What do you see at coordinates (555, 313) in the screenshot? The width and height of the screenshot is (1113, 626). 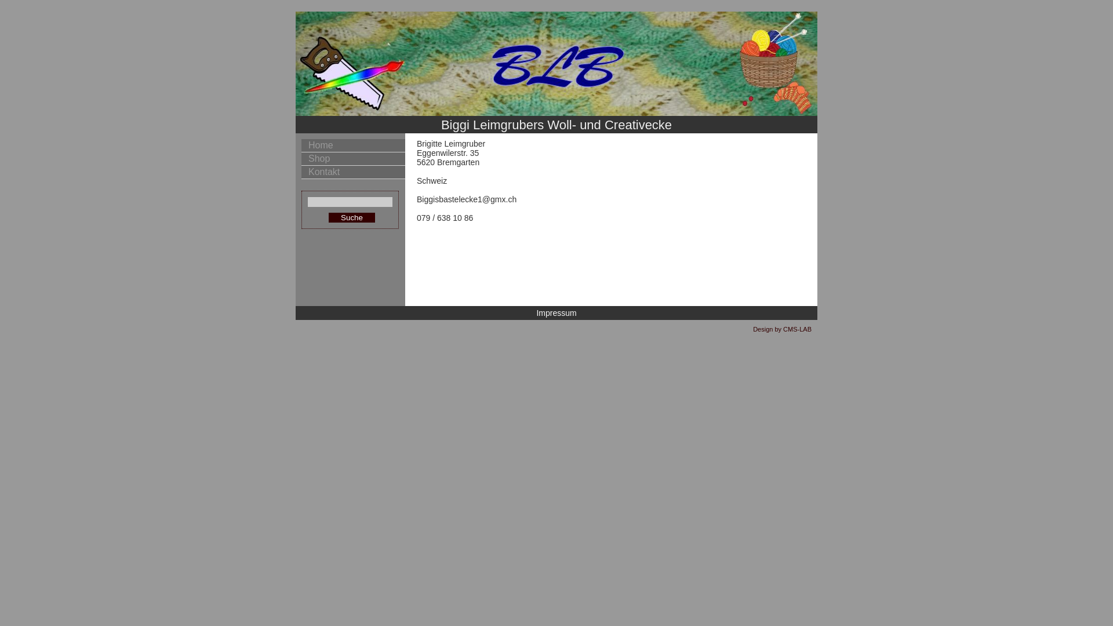 I see `'Impressum'` at bounding box center [555, 313].